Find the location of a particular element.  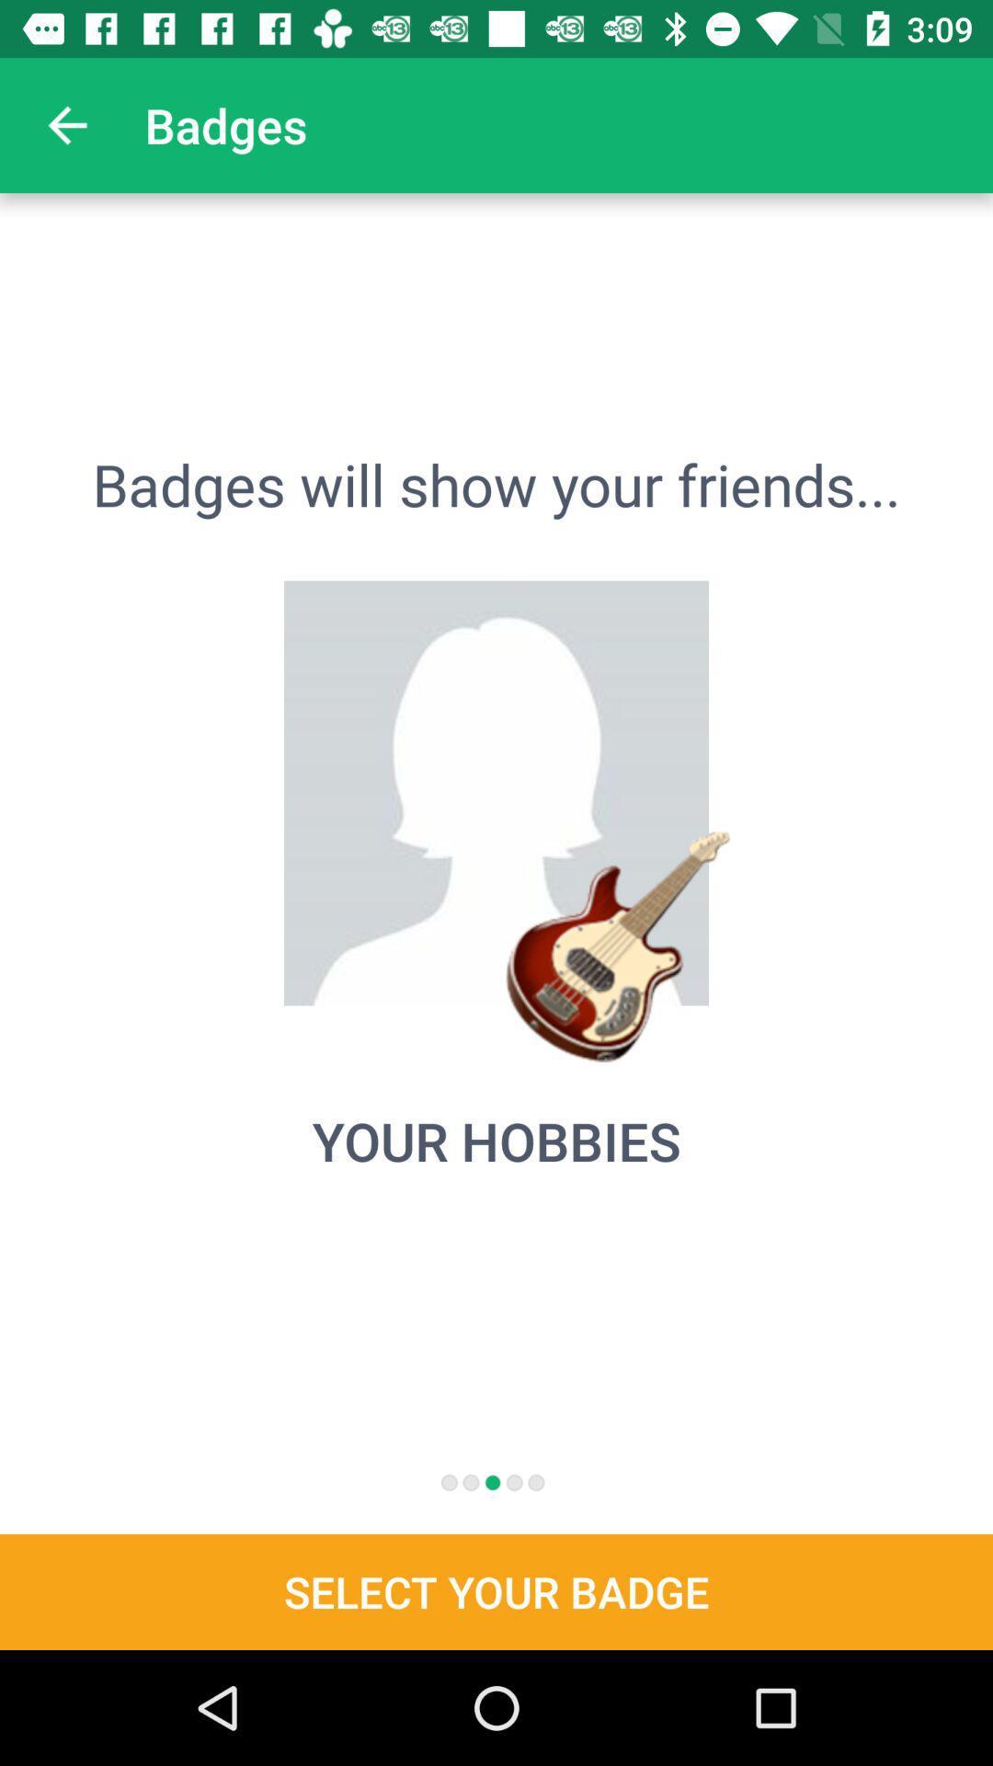

the icon above badges will show is located at coordinates (66, 124).